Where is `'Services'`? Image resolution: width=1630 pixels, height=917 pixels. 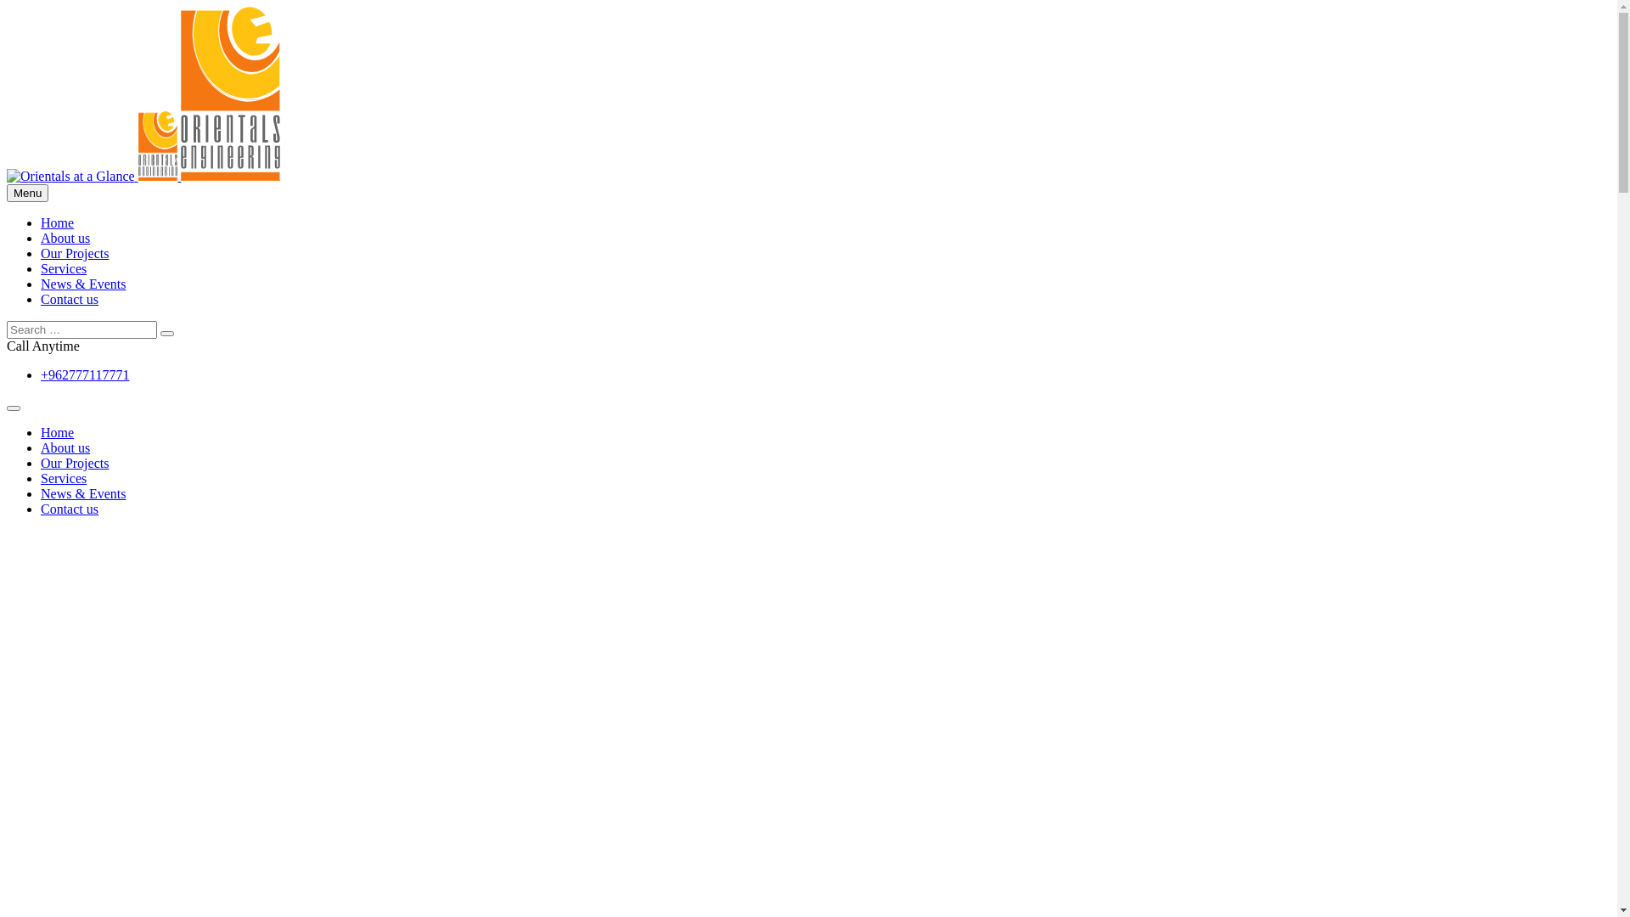 'Services' is located at coordinates (64, 267).